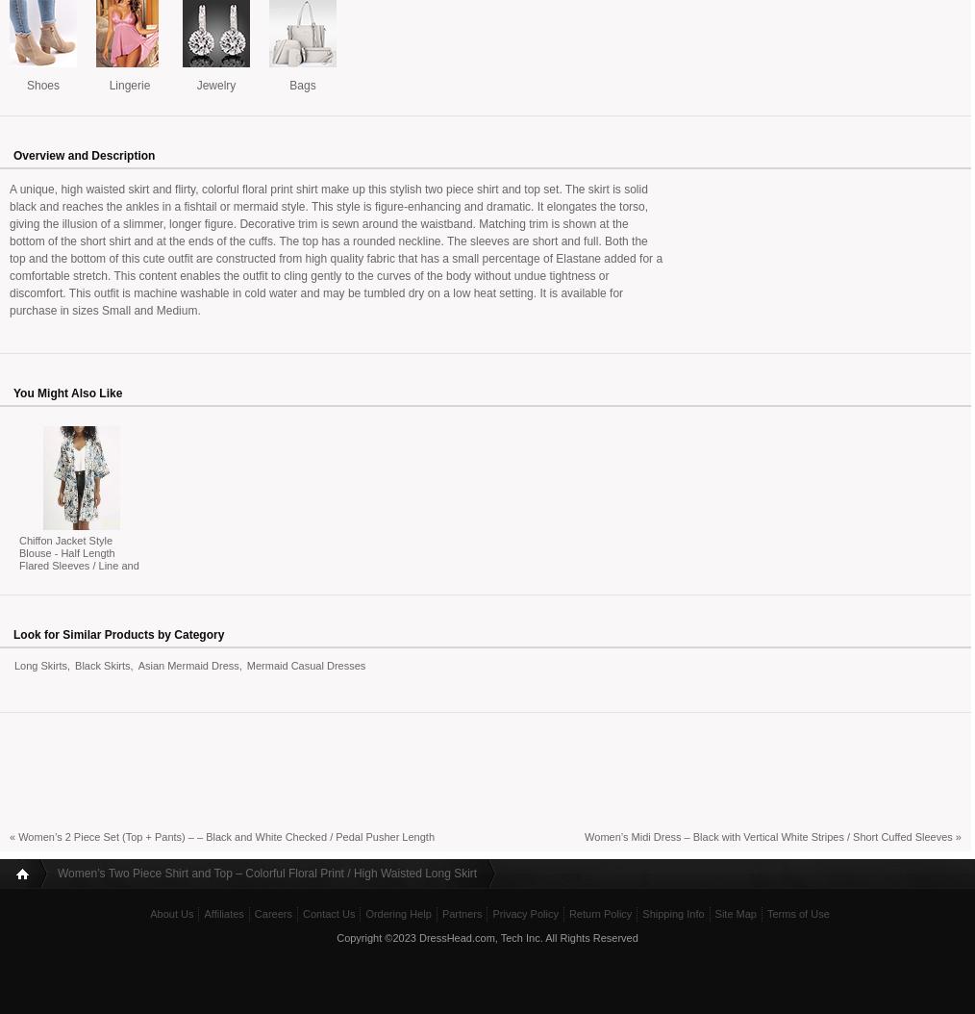 This screenshot has height=1014, width=975. Describe the element at coordinates (66, 392) in the screenshot. I see `'You Might Also Like'` at that location.